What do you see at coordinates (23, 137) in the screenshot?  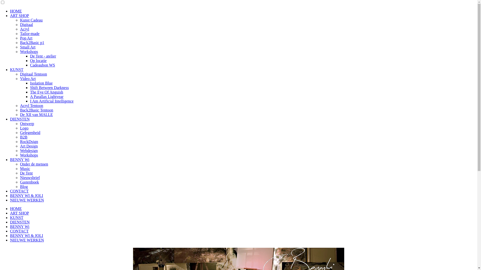 I see `'B2B'` at bounding box center [23, 137].